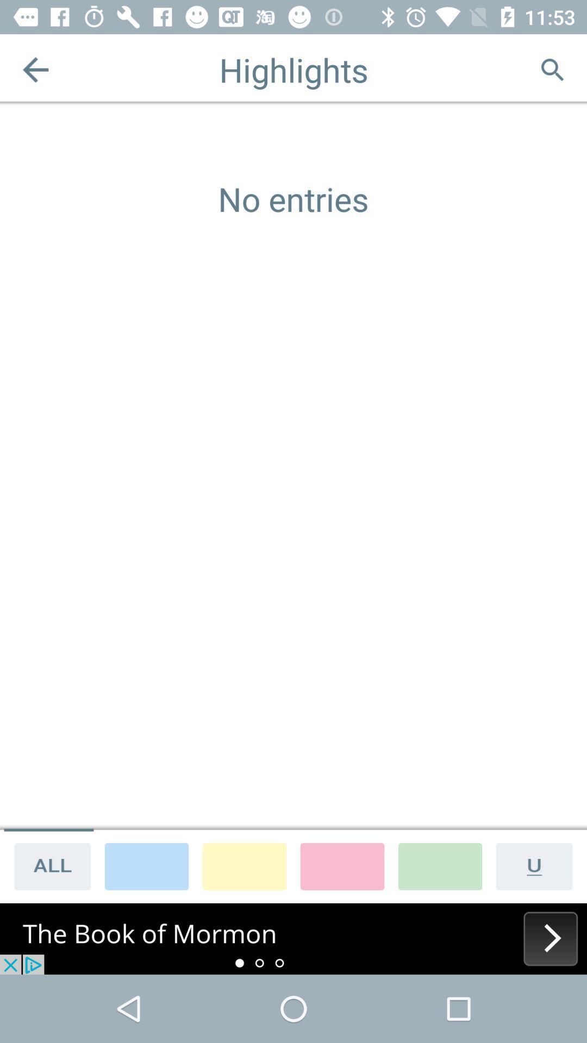  I want to click on highlight color, so click(440, 865).